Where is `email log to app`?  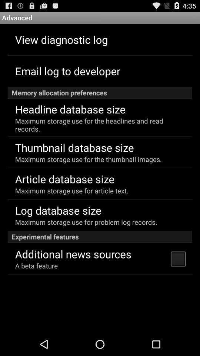 email log to app is located at coordinates (67, 71).